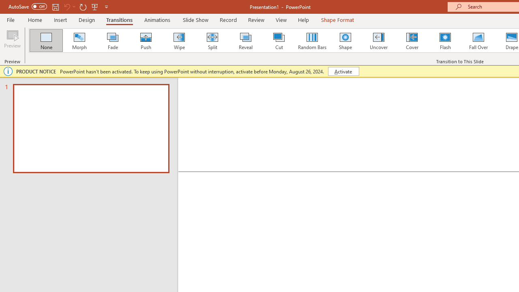 The height and width of the screenshot is (292, 519). Describe the element at coordinates (343, 71) in the screenshot. I see `'Activate'` at that location.